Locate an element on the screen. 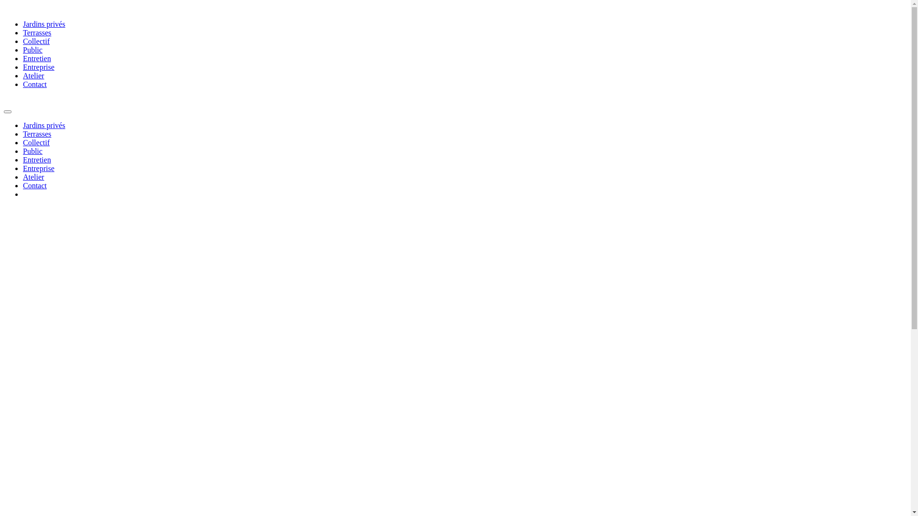 This screenshot has height=516, width=918. 'Entretien' is located at coordinates (23, 58).